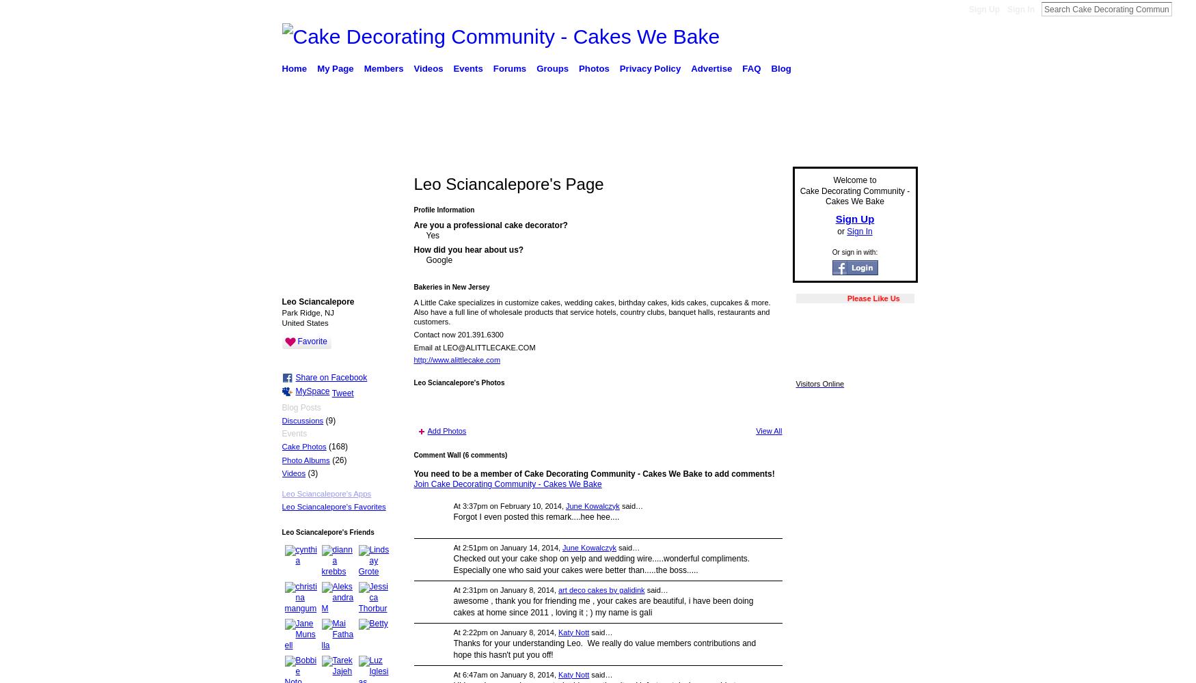 This screenshot has width=1196, height=683. Describe the element at coordinates (842, 231) in the screenshot. I see `'or'` at that location.